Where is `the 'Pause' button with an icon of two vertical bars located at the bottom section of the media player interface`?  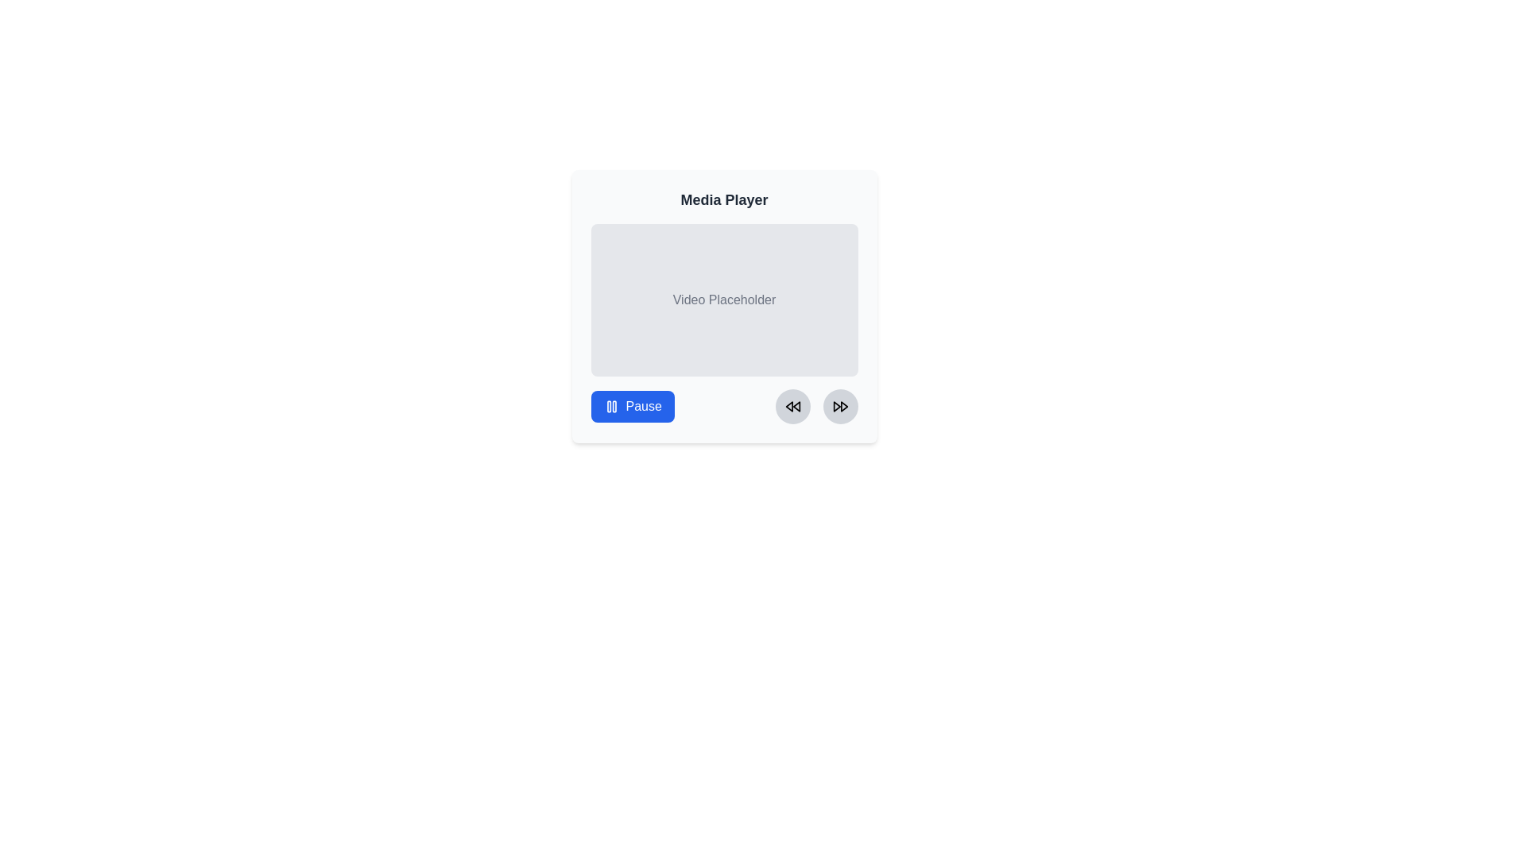 the 'Pause' button with an icon of two vertical bars located at the bottom section of the media player interface is located at coordinates (632, 406).